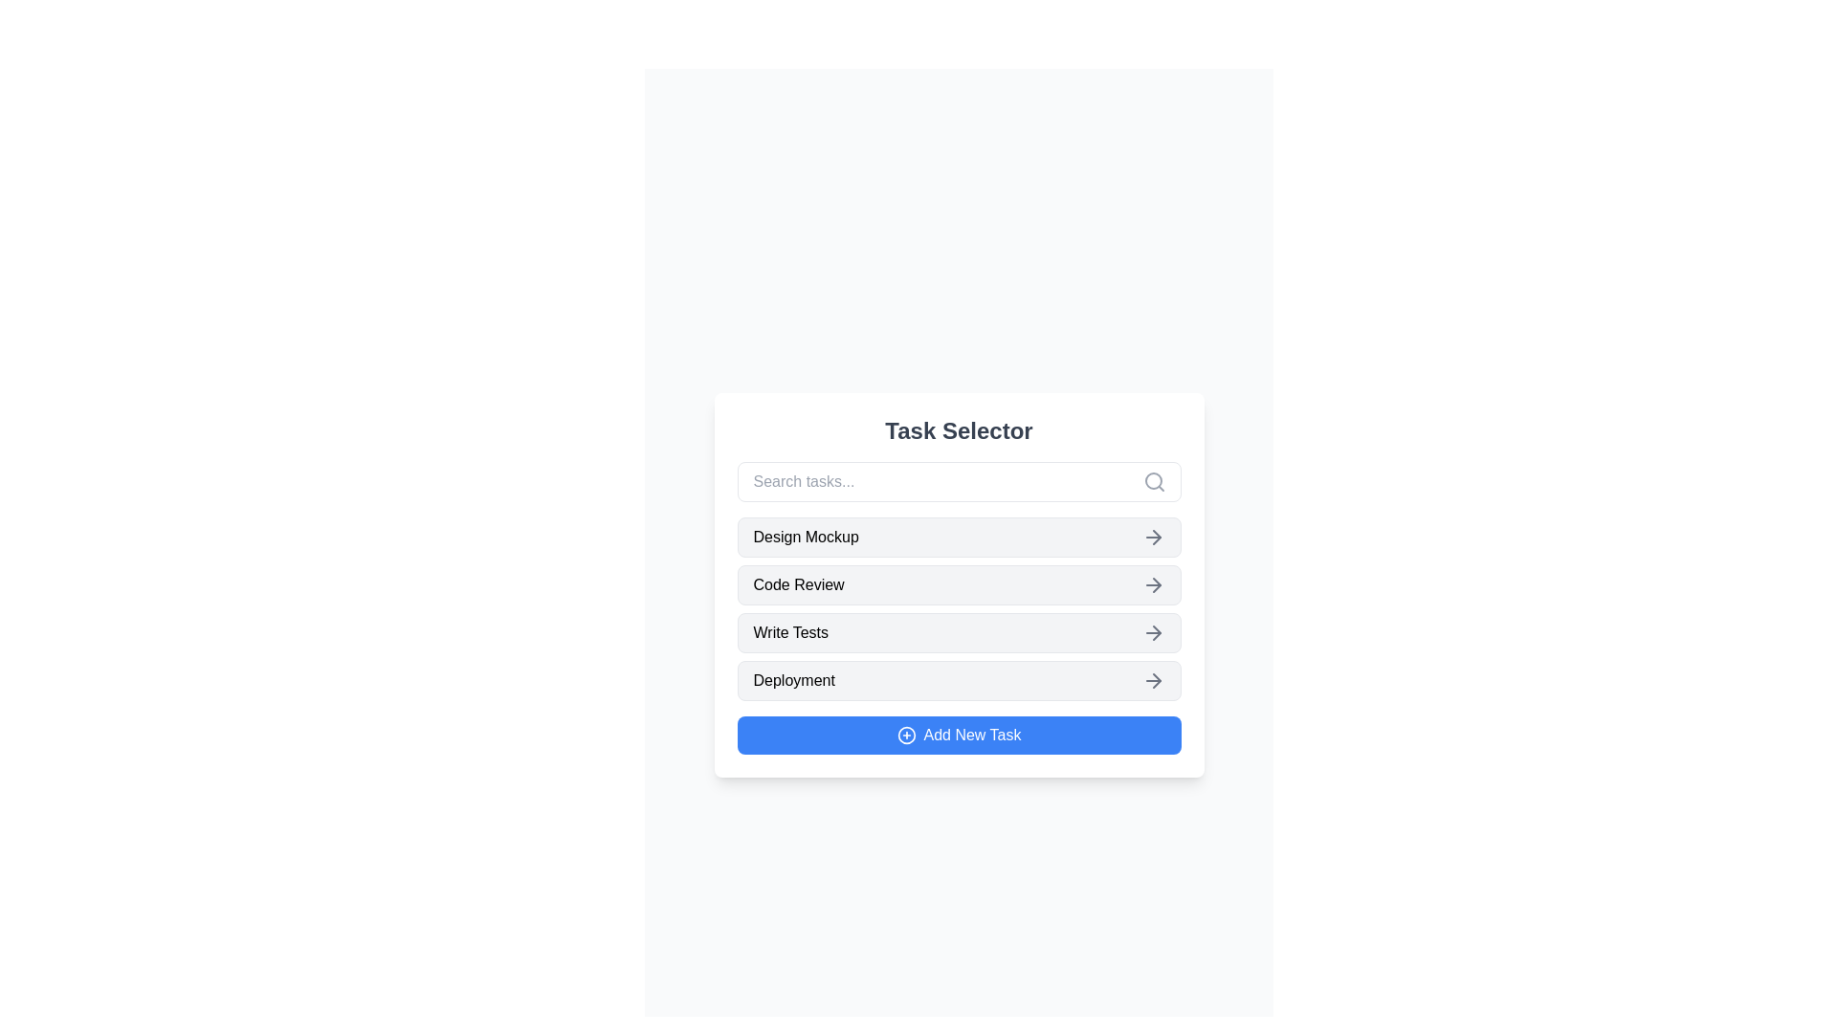 Image resolution: width=1837 pixels, height=1033 pixels. What do you see at coordinates (972, 734) in the screenshot?
I see `the text label within the blue button at the bottom center of the user interface` at bounding box center [972, 734].